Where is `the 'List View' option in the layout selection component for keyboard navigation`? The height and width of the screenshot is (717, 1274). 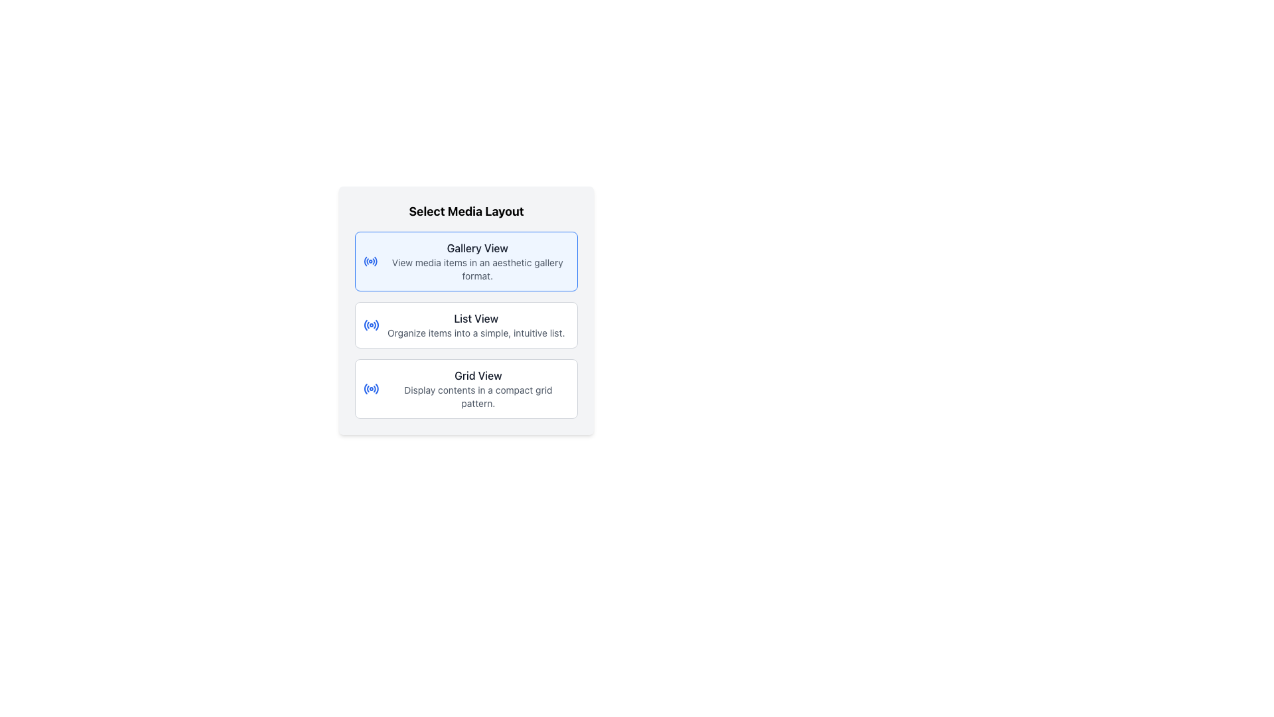
the 'List View' option in the layout selection component for keyboard navigation is located at coordinates (466, 310).